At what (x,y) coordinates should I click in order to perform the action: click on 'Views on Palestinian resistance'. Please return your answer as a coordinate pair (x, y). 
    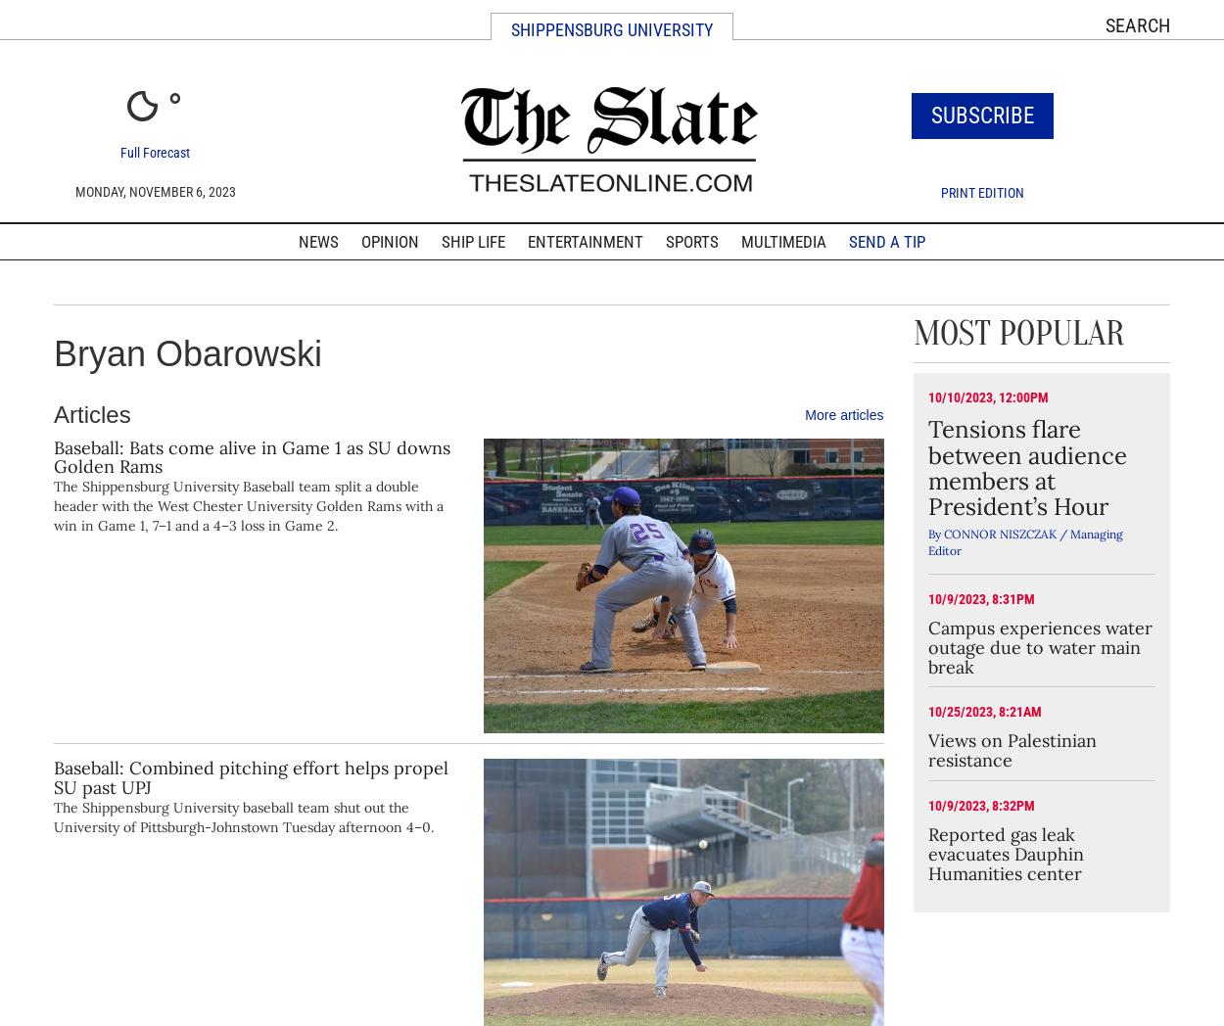
    Looking at the image, I should click on (926, 750).